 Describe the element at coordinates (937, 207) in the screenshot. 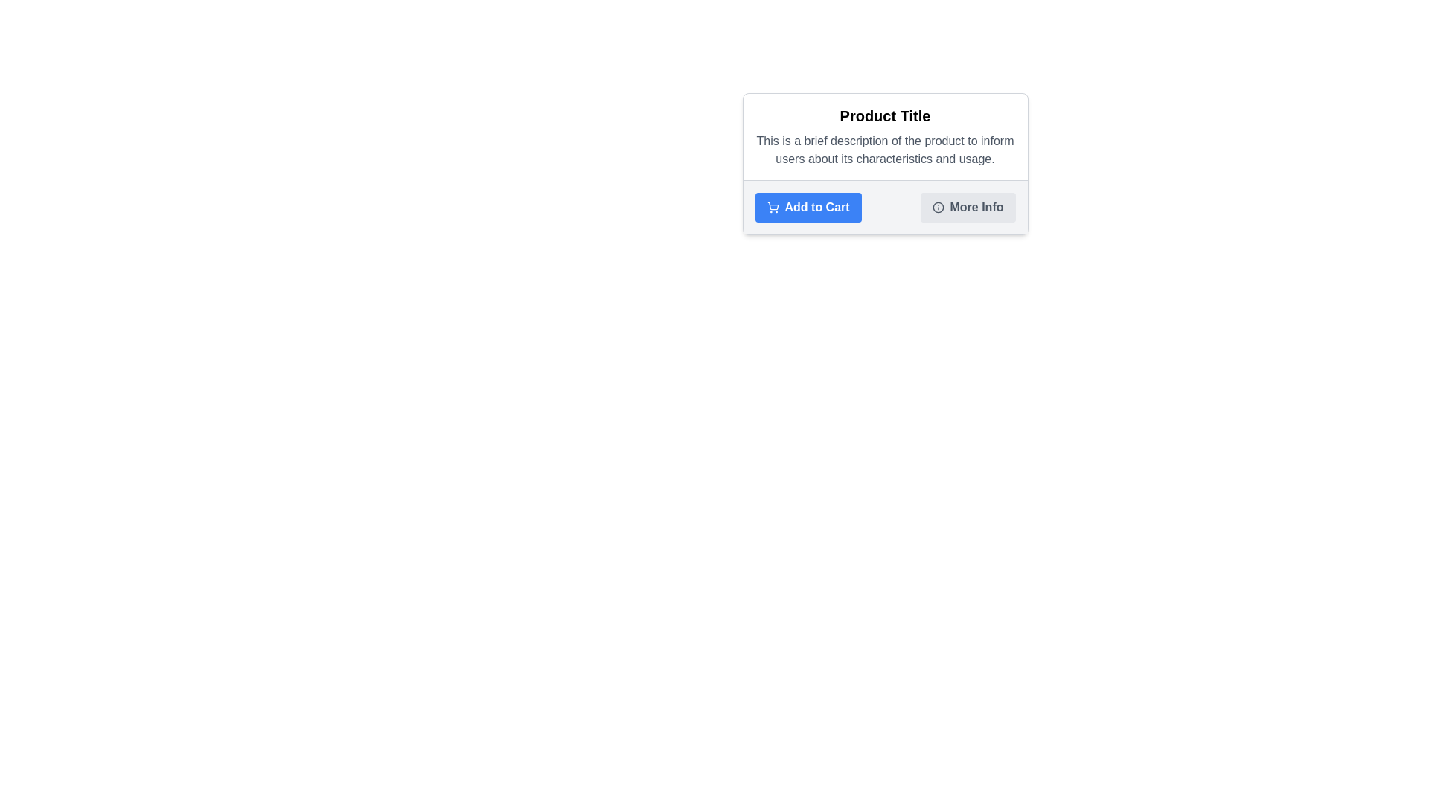

I see `the decorative circular SVG element that visually indicates the purpose of the info icon within the product information card, located to the left of the 'More Info' button` at that location.